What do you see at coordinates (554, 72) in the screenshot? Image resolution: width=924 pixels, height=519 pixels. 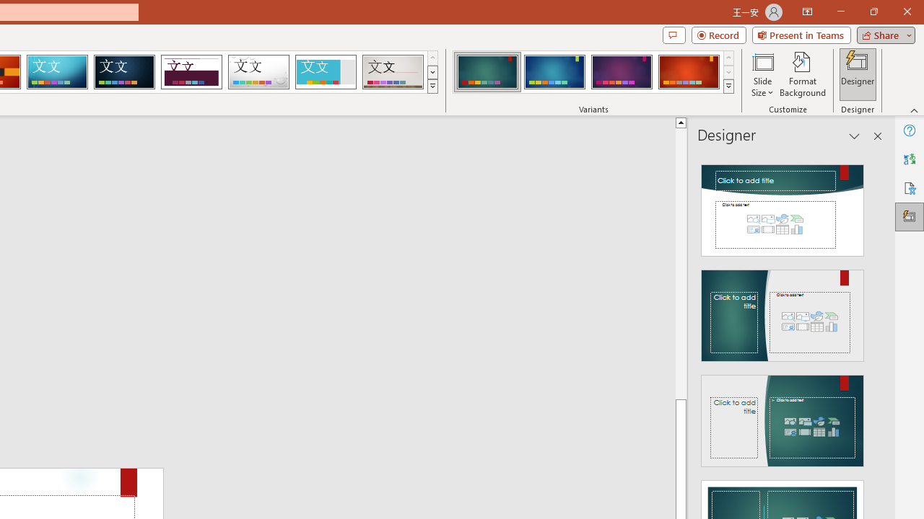 I see `'Ion Variant 2'` at bounding box center [554, 72].